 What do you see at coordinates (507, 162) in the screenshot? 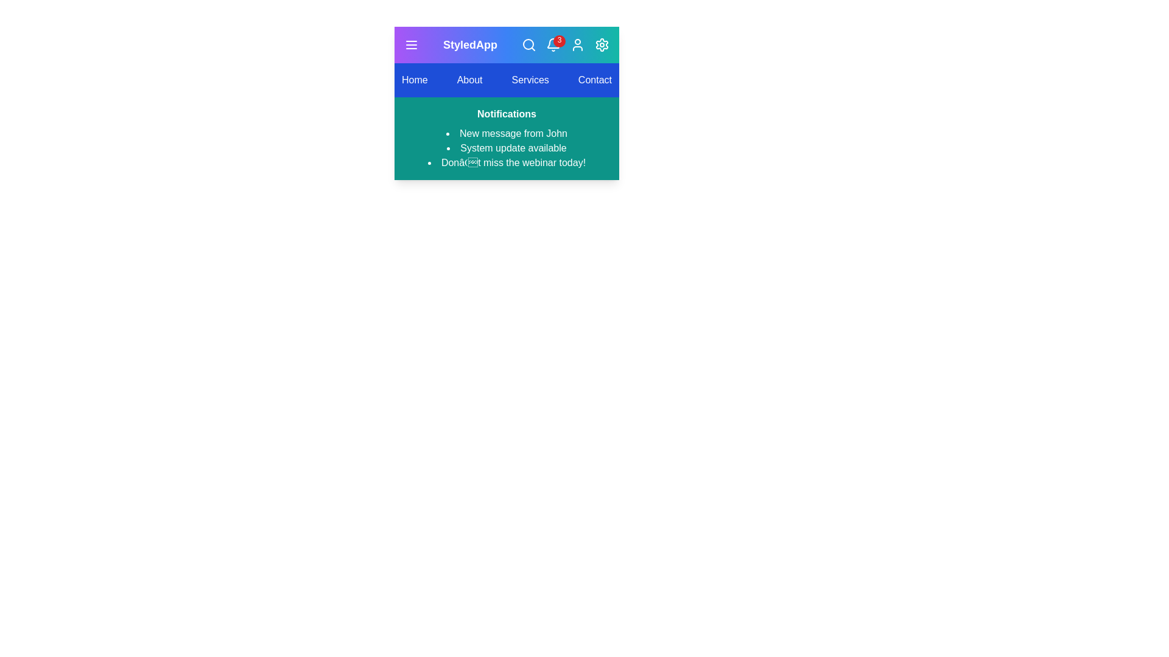
I see `text element that displays 'Don’t miss the webinar today!' which is the last item in the bullet-point list under the 'Notifications' section` at bounding box center [507, 162].